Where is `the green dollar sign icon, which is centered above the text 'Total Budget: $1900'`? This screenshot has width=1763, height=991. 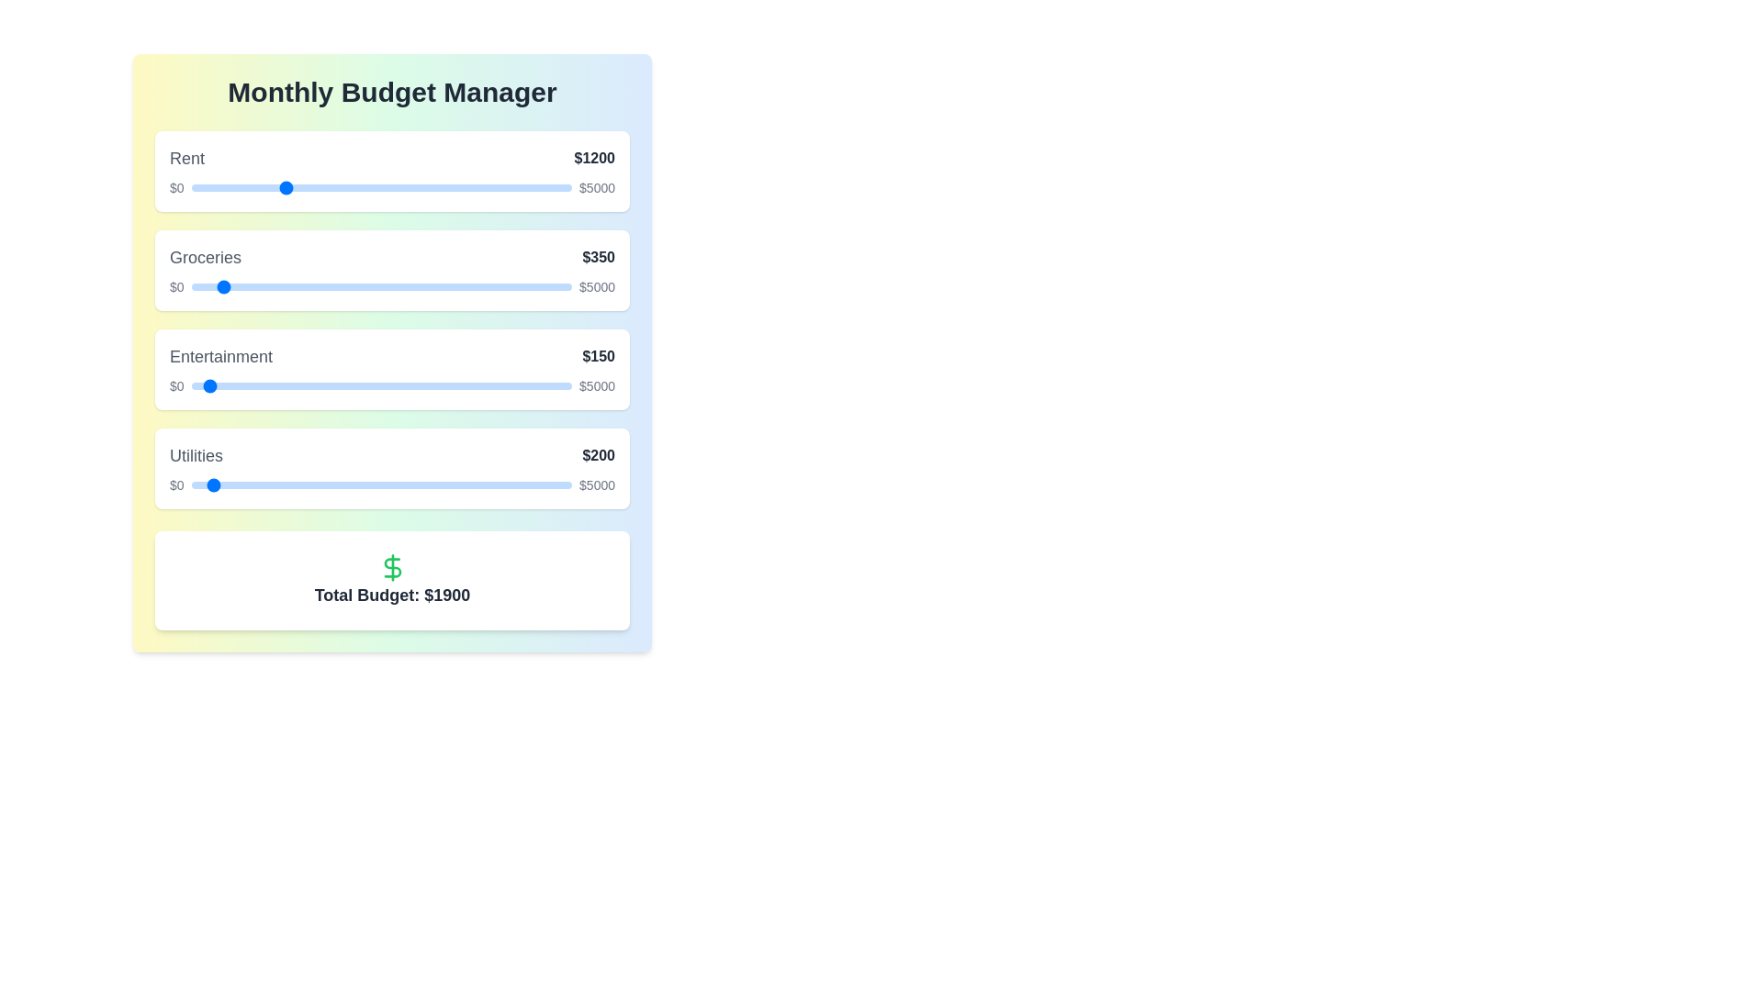
the green dollar sign icon, which is centered above the text 'Total Budget: $1900' is located at coordinates (391, 566).